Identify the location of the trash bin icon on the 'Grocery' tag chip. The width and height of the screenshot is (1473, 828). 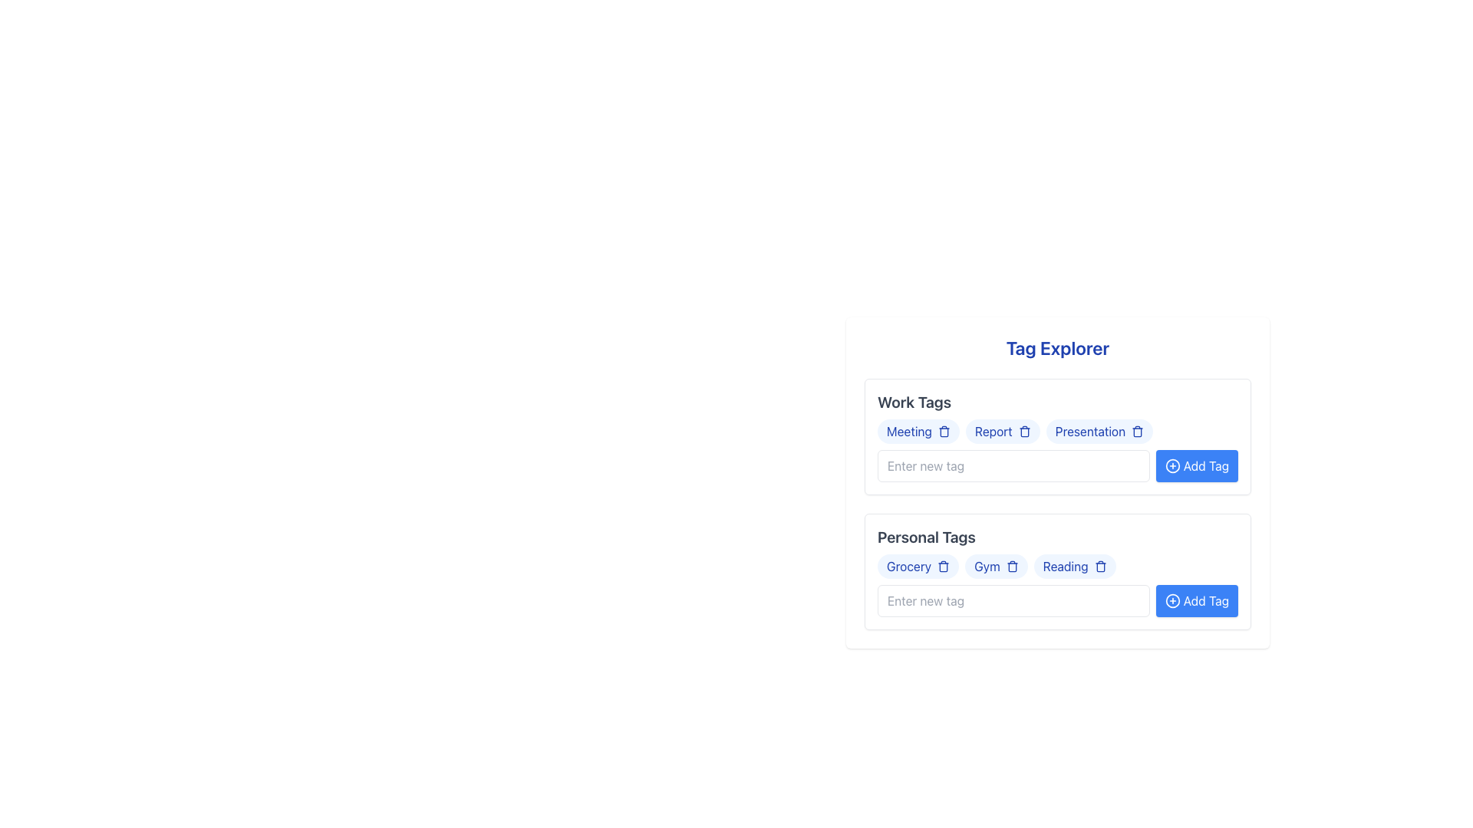
(918, 567).